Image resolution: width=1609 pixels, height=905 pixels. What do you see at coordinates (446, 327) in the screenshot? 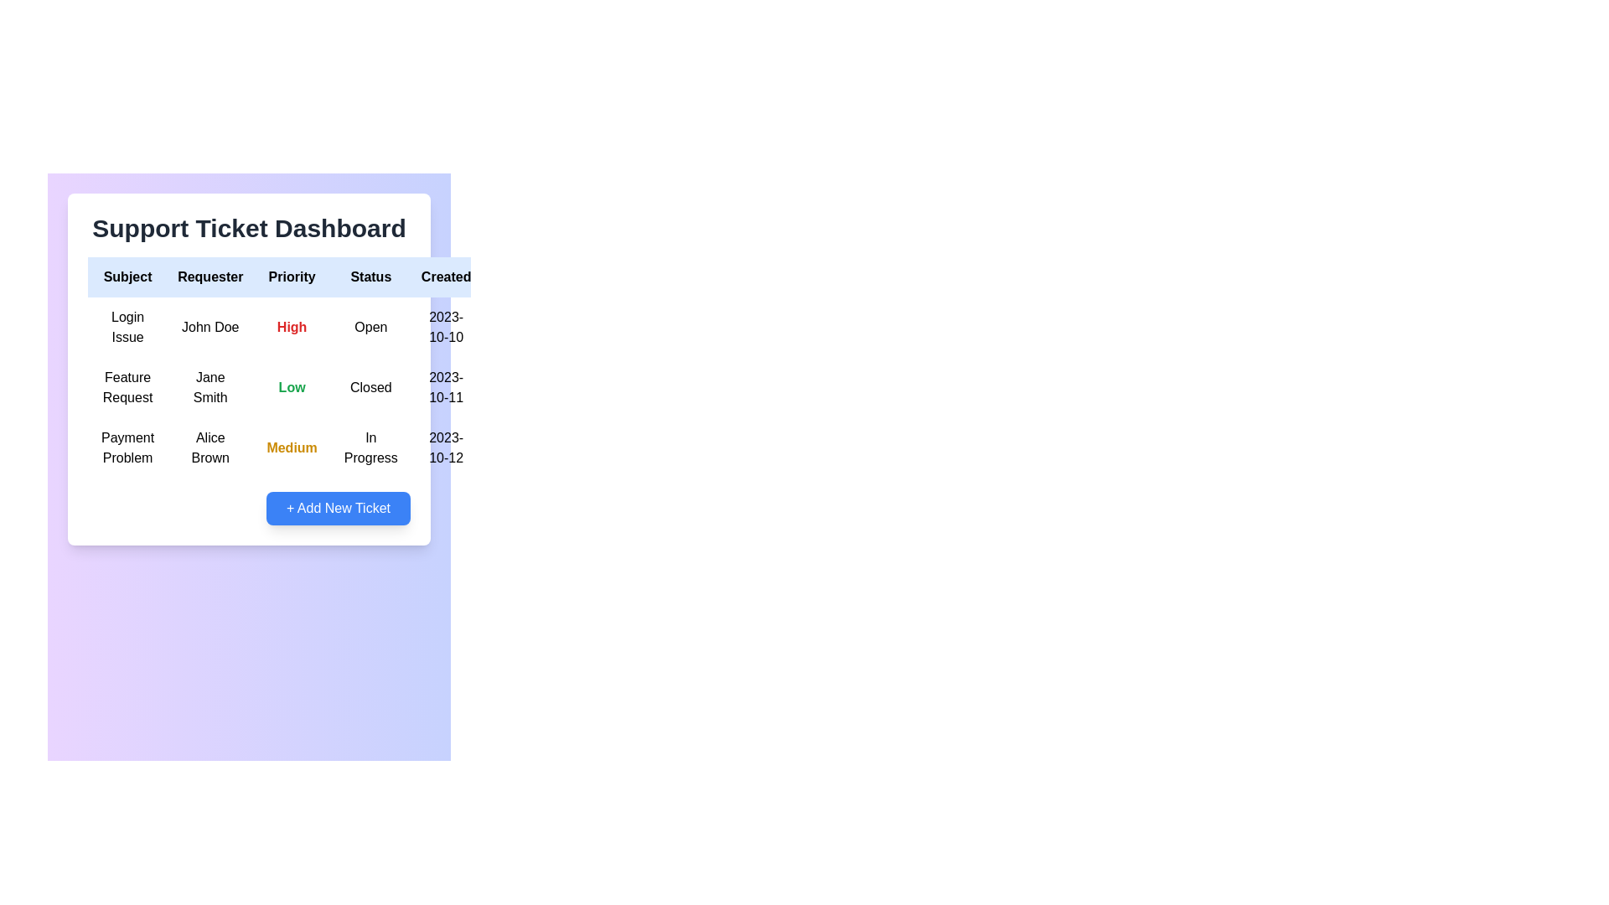
I see `the text field displaying the date '2023-10-10' in the 'Created' column of the data table` at bounding box center [446, 327].